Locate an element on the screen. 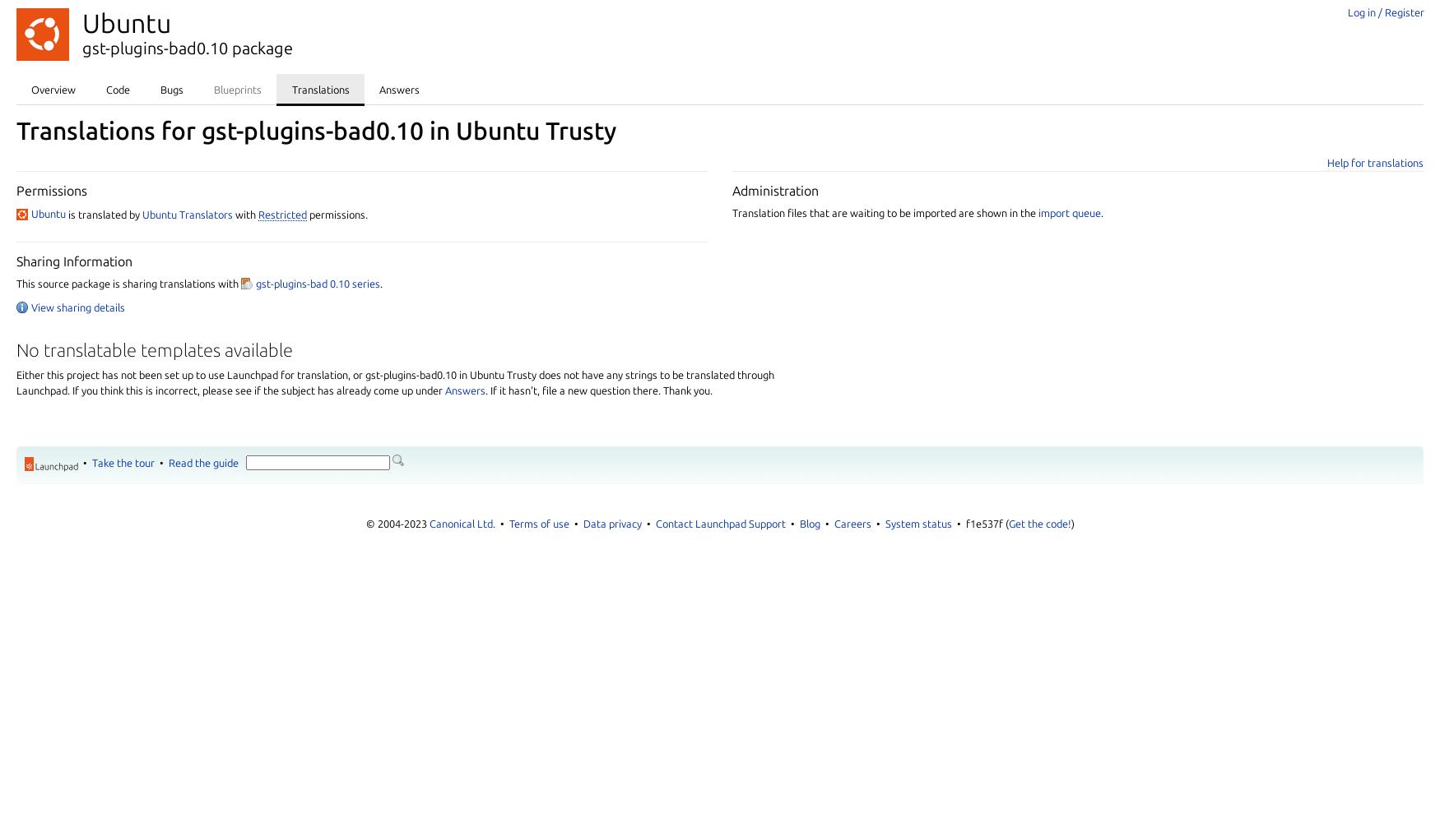 The width and height of the screenshot is (1440, 822). 'View sharing details' is located at coordinates (78, 307).